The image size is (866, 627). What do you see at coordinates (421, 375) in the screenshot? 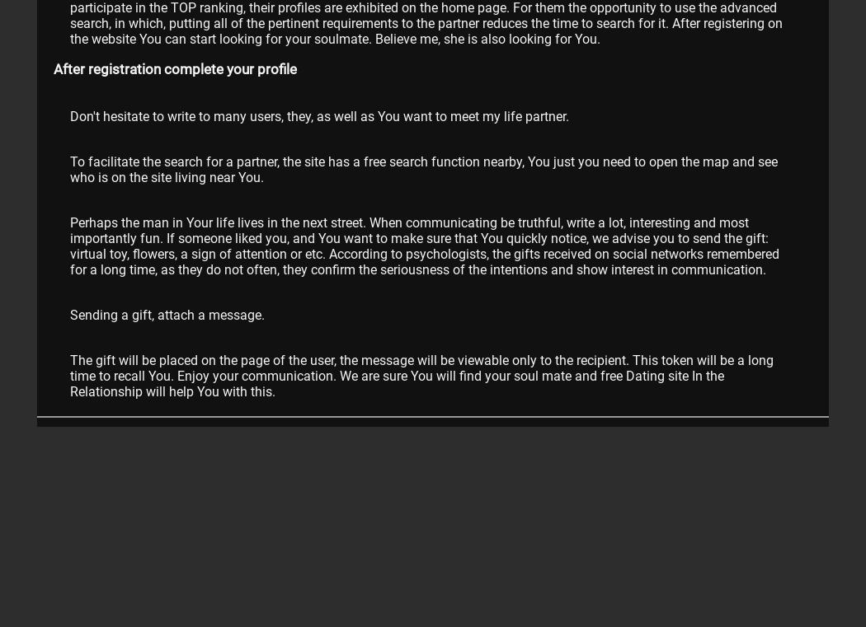
I see `'The gift will be placed on the page of the user, the message will be viewable only to the recipient. This token will be a long time to recall You. Enjoy your communication. We are sure You will find your soul mate and free Dating site In the Relationship will help You with this.'` at bounding box center [421, 375].